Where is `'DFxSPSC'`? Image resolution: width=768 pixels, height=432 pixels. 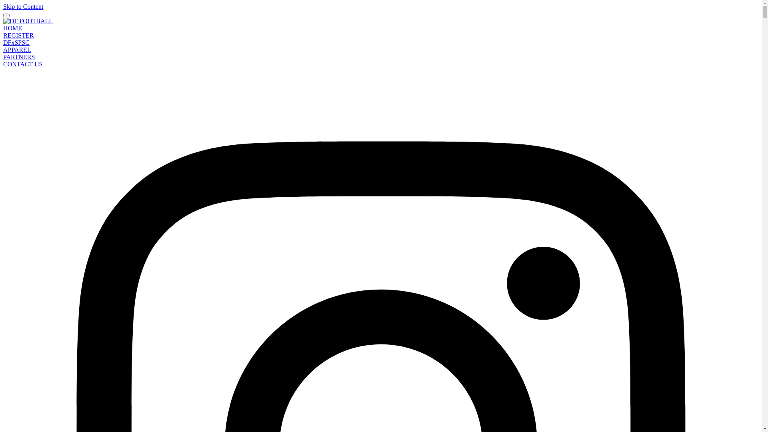
'DFxSPSC' is located at coordinates (16, 42).